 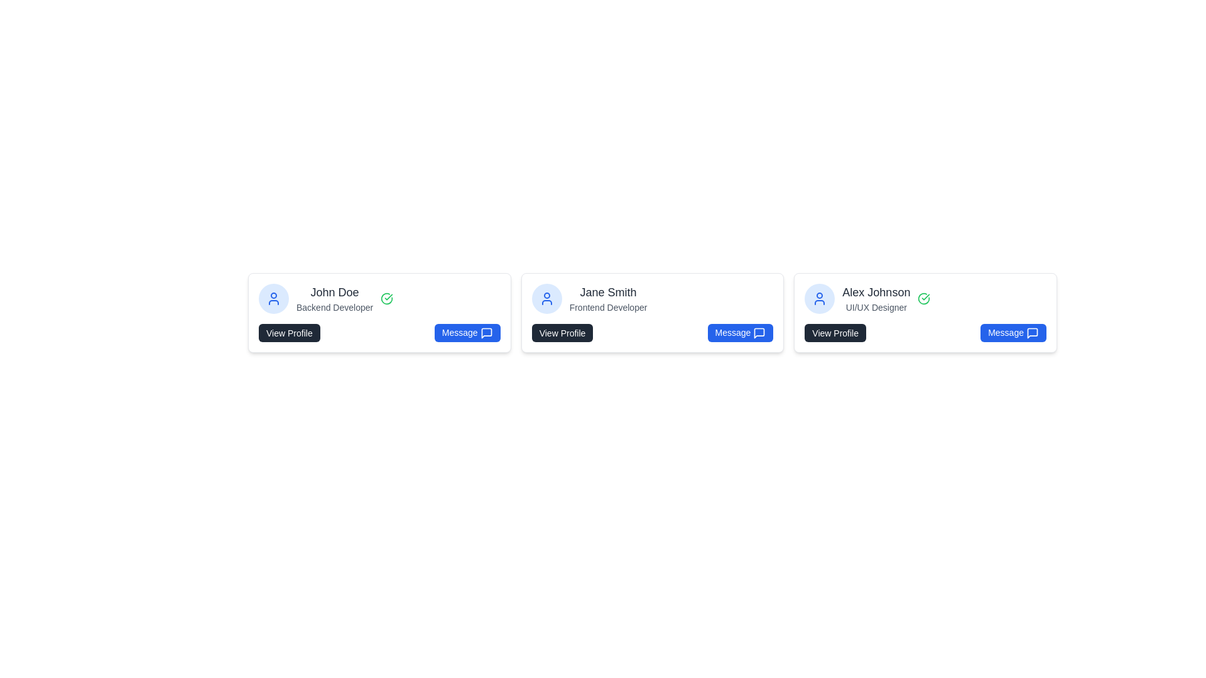 What do you see at coordinates (379, 312) in the screenshot?
I see `the first Profile Card in the grid displaying user profile summary options` at bounding box center [379, 312].